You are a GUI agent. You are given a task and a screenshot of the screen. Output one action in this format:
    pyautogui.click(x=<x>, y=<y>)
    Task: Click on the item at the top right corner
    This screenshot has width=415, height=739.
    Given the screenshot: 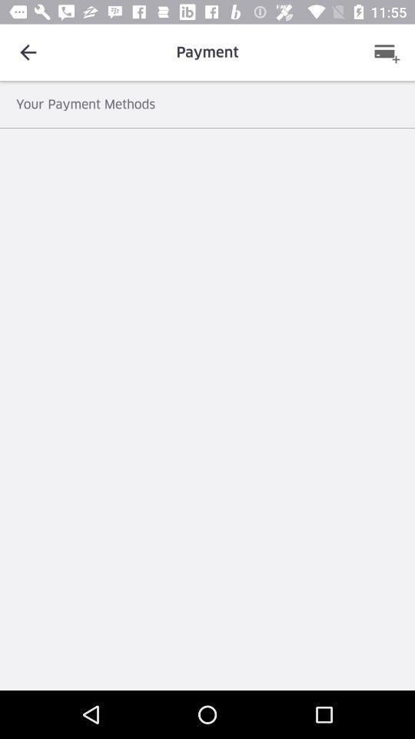 What is the action you would take?
    pyautogui.click(x=386, y=52)
    